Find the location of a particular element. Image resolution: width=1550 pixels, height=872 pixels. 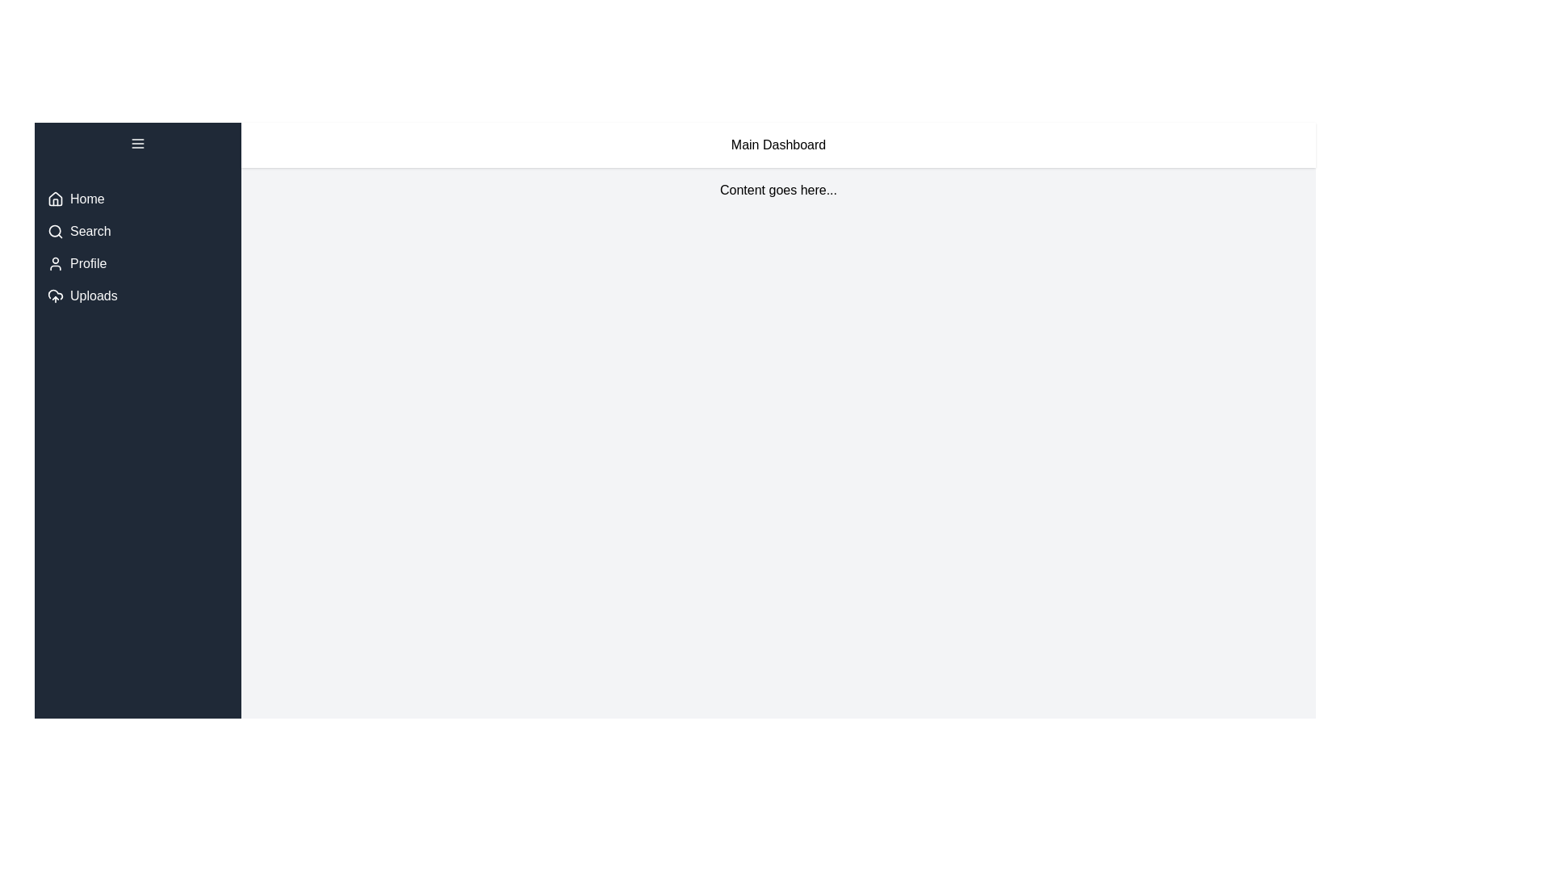

the 'Uploads' button in the left sidebar, which is the fourth item in a vertical navigation list is located at coordinates (138, 296).